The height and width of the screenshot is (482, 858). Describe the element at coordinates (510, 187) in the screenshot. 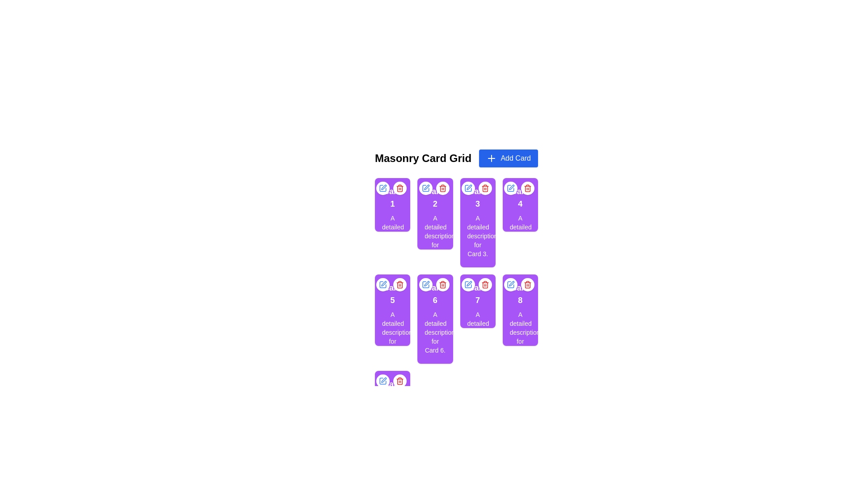

I see `the circular button with a white background and a pen icon located at the top-right corner of the fourth card in the grid layout to trigger the hover effect` at that location.